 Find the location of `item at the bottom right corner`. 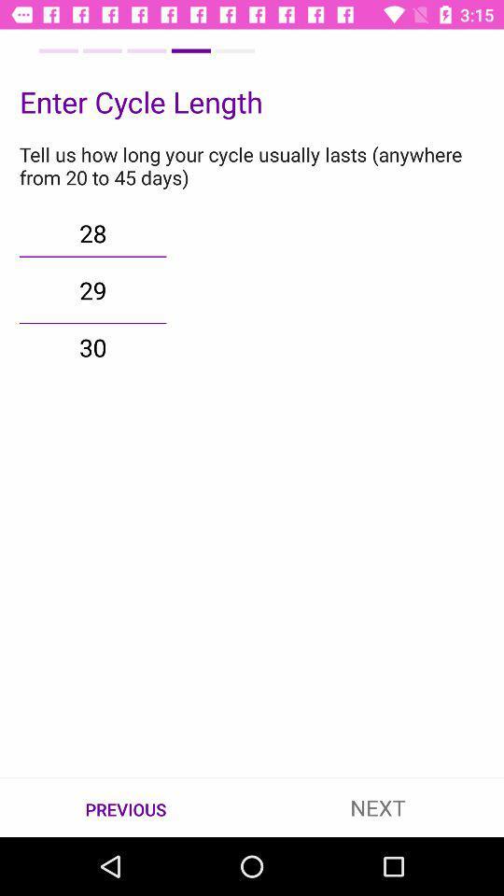

item at the bottom right corner is located at coordinates (378, 806).